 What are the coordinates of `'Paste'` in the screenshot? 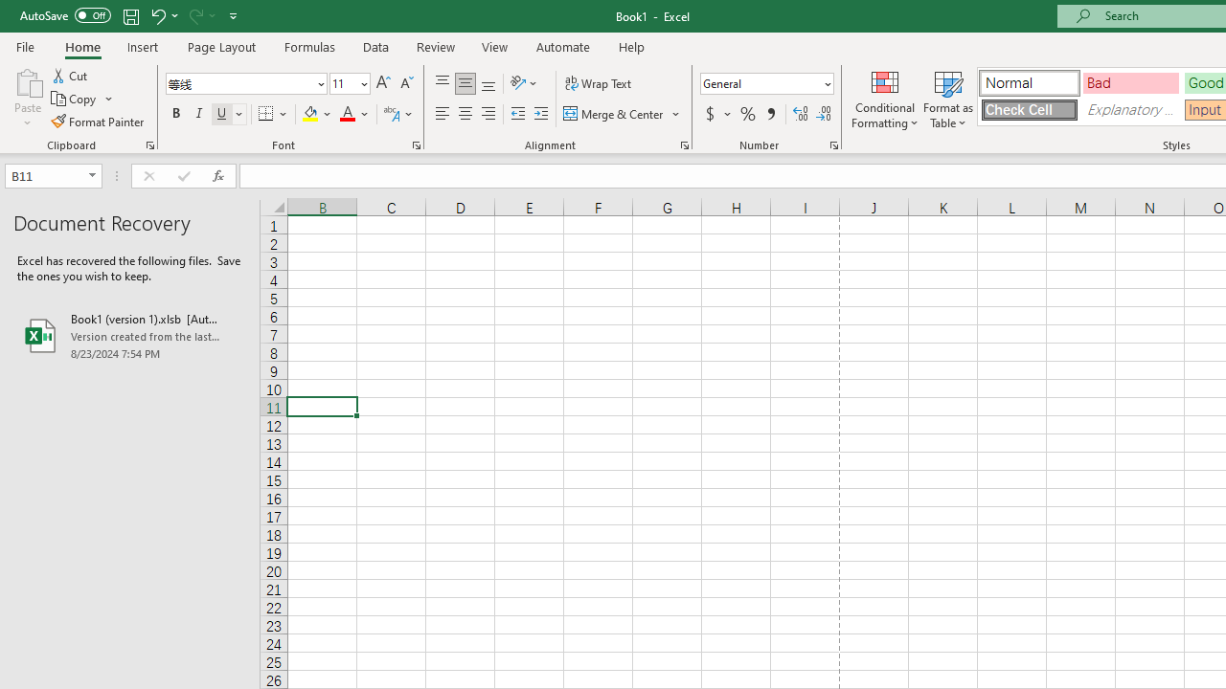 It's located at (27, 80).